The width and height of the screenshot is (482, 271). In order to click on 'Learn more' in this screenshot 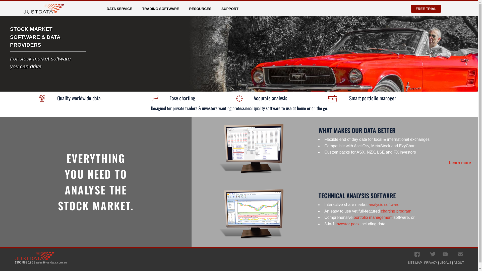, I will do `click(460, 163)`.